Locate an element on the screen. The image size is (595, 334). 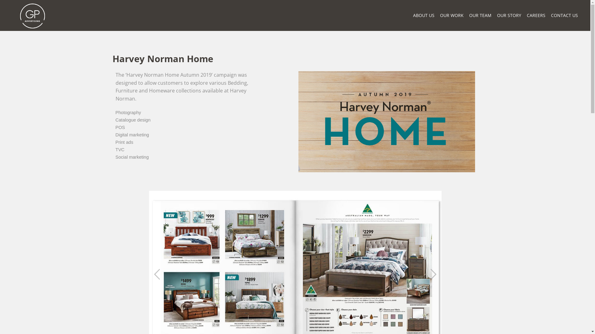
'ABOUT US' is located at coordinates (423, 15).